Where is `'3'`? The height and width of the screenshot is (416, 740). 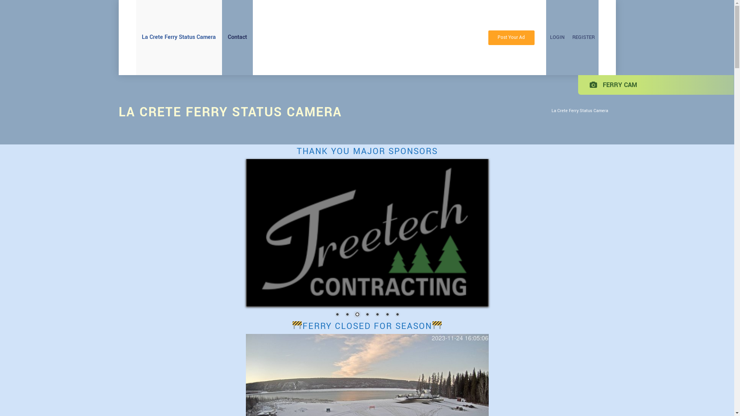 '3' is located at coordinates (357, 315).